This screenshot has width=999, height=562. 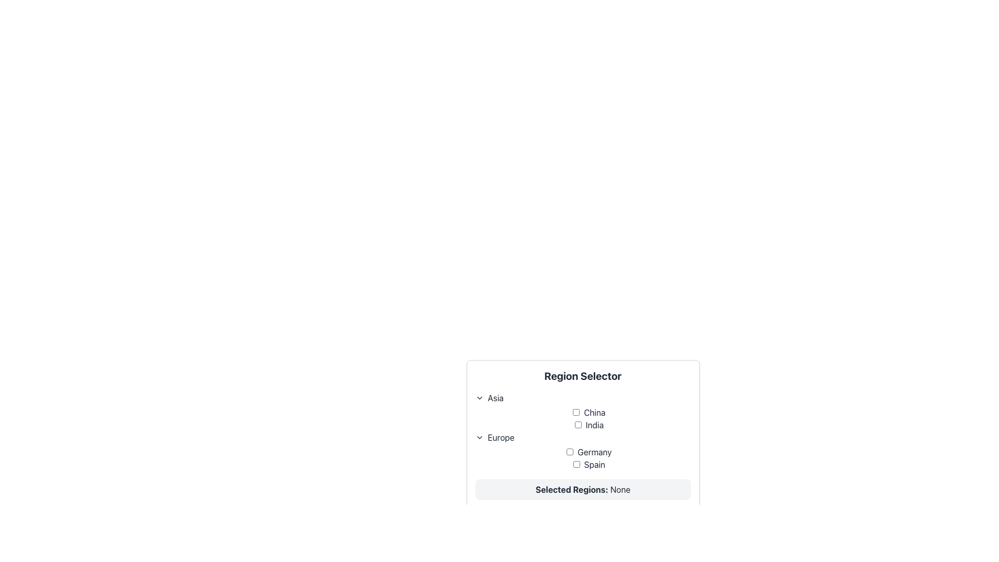 What do you see at coordinates (589, 464) in the screenshot?
I see `the text label displaying 'Spain', which is aligned horizontally with its associated checkbox and located below 'Germany' in the 'Europe' region group` at bounding box center [589, 464].